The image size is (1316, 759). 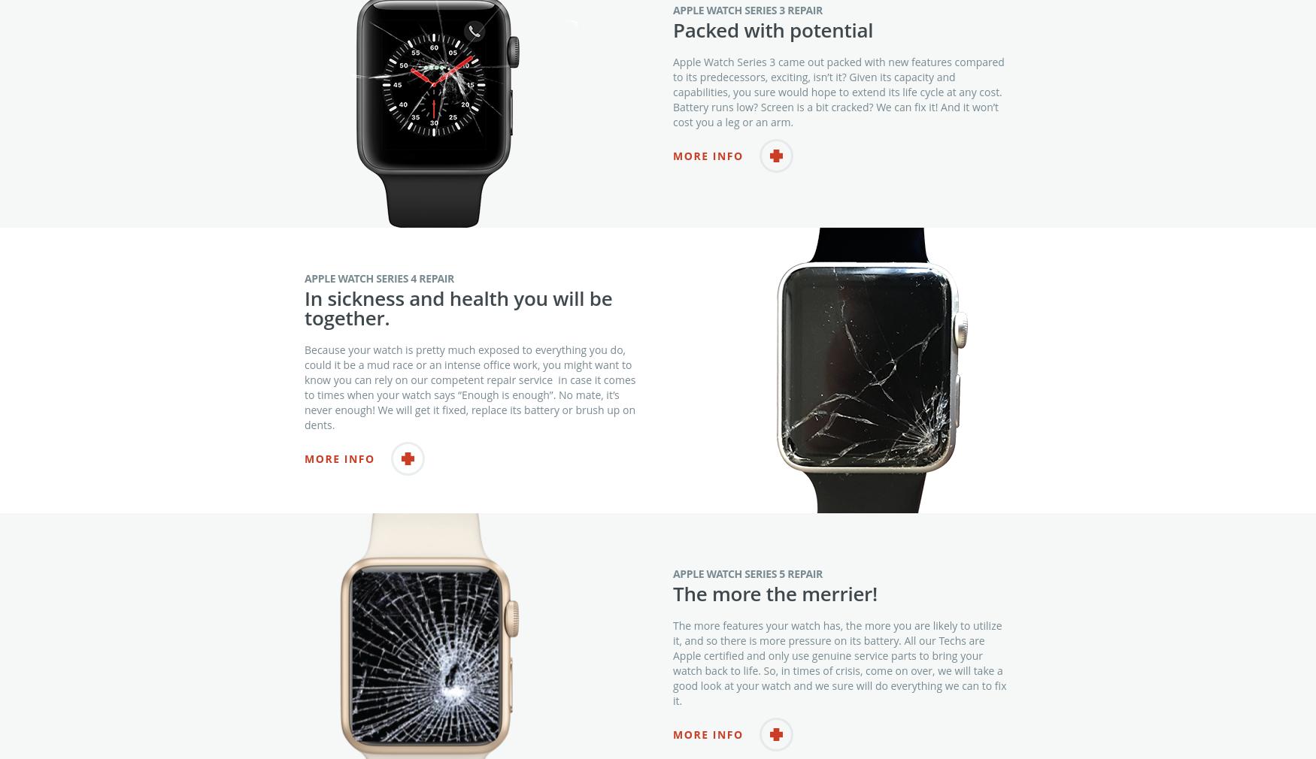 I want to click on 'The more the merrier!', so click(x=774, y=623).